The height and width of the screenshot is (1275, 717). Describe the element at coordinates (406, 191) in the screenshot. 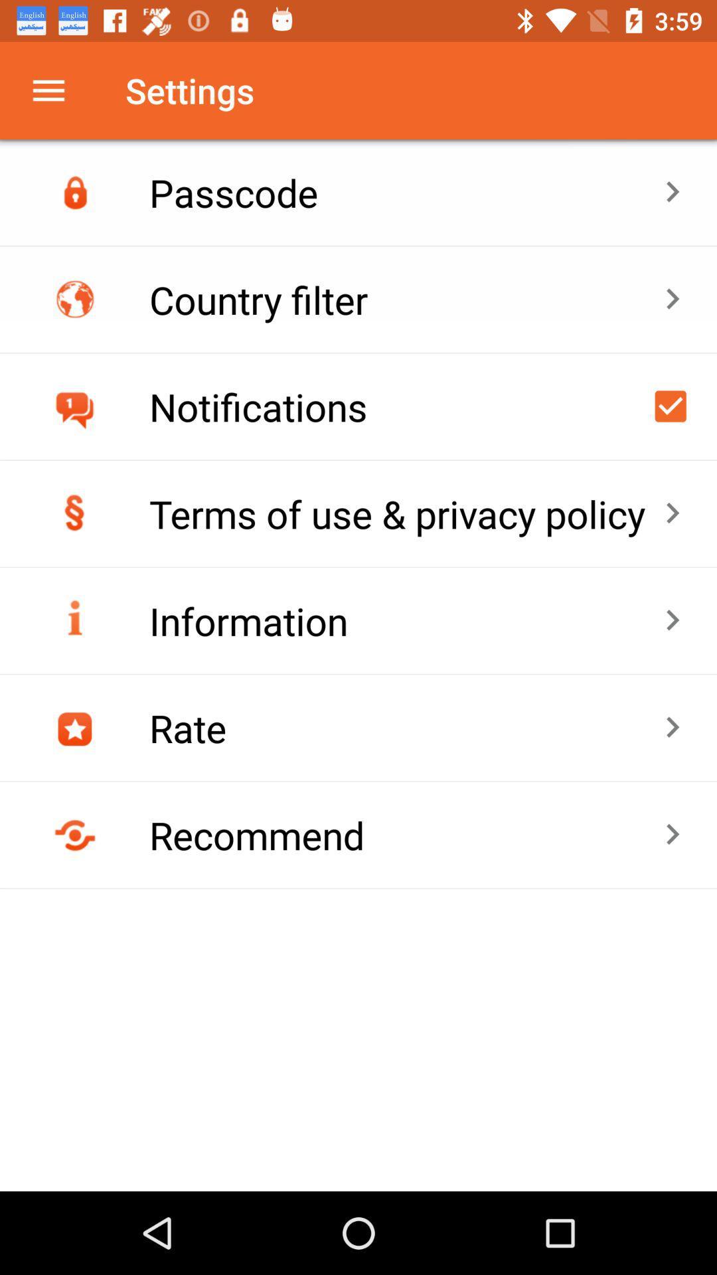

I see `the passcode item` at that location.